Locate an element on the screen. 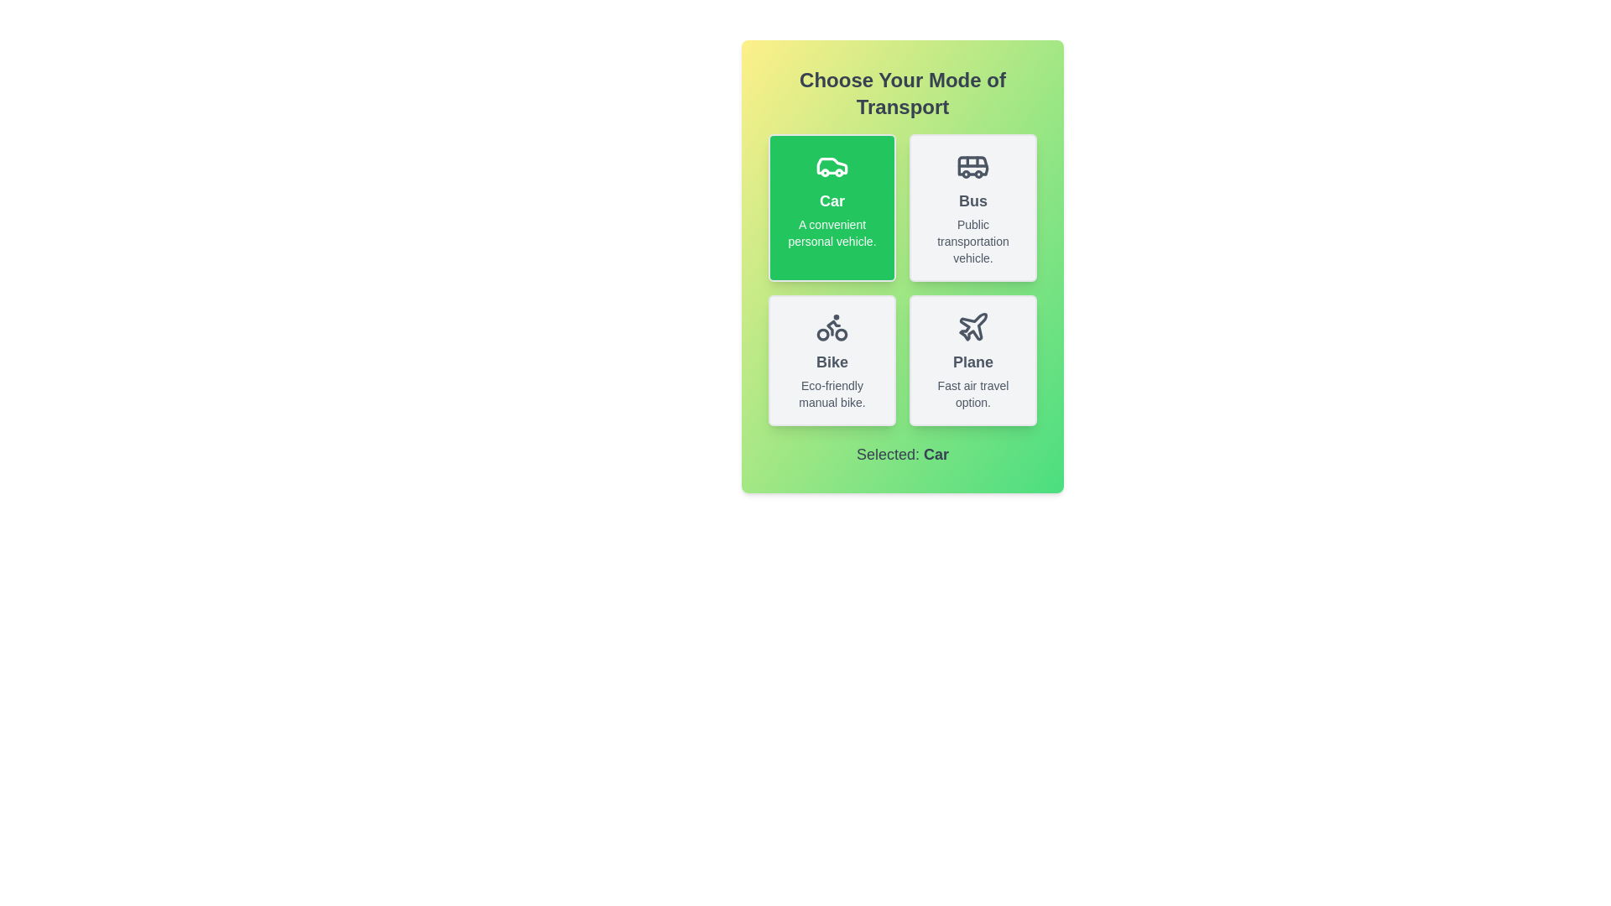  the transport mode Bike by clicking the corresponding button is located at coordinates (832, 359).